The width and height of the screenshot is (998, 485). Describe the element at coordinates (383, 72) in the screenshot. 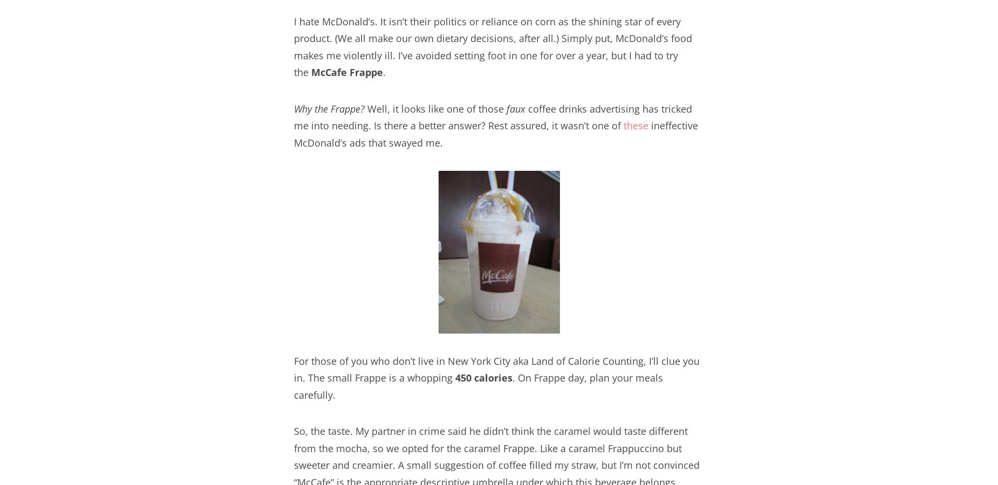

I see `'.'` at that location.